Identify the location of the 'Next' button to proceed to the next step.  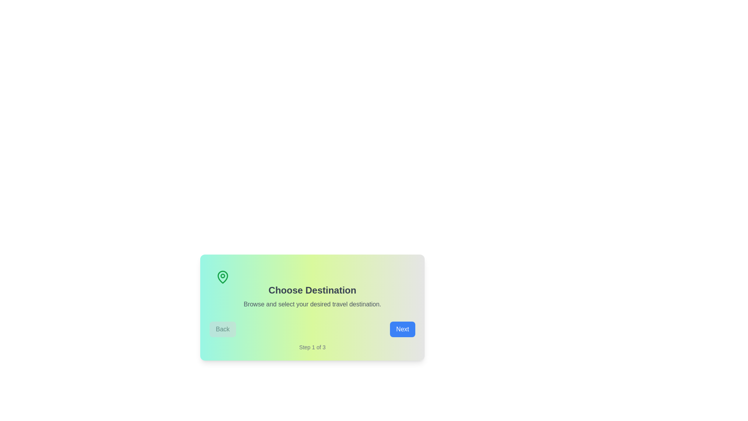
(402, 329).